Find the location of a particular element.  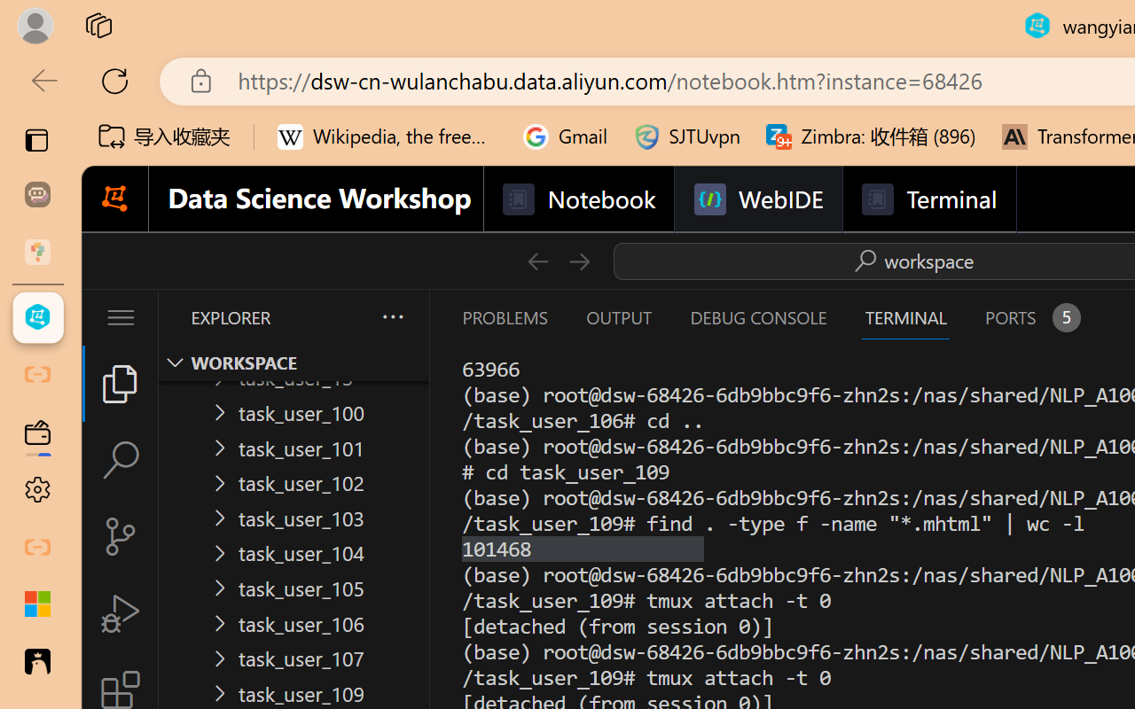

'Wikipedia, the free encyclopedia' is located at coordinates (387, 136).